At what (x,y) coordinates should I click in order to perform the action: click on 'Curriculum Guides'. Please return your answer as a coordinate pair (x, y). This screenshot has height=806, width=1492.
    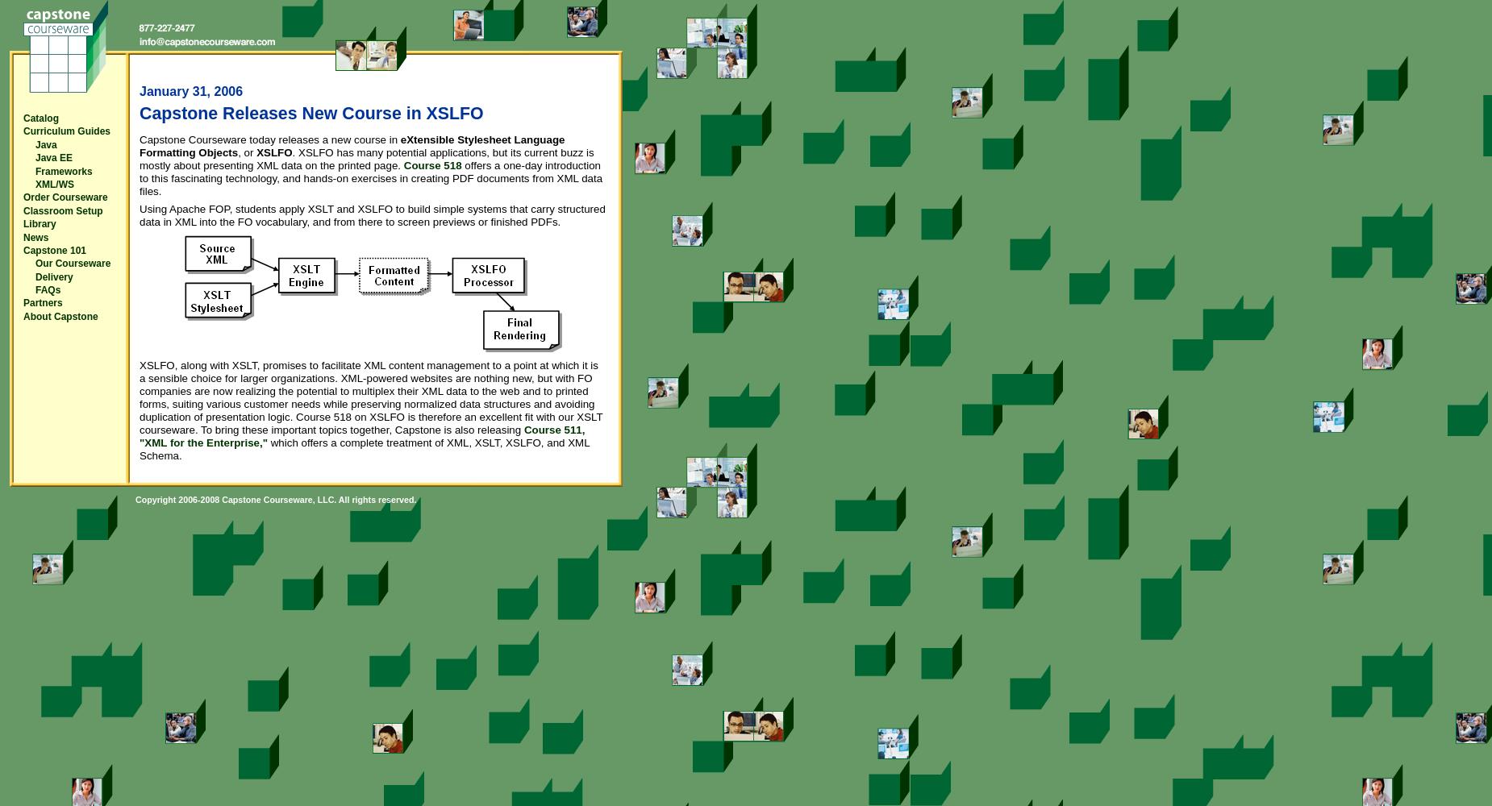
    Looking at the image, I should click on (23, 131).